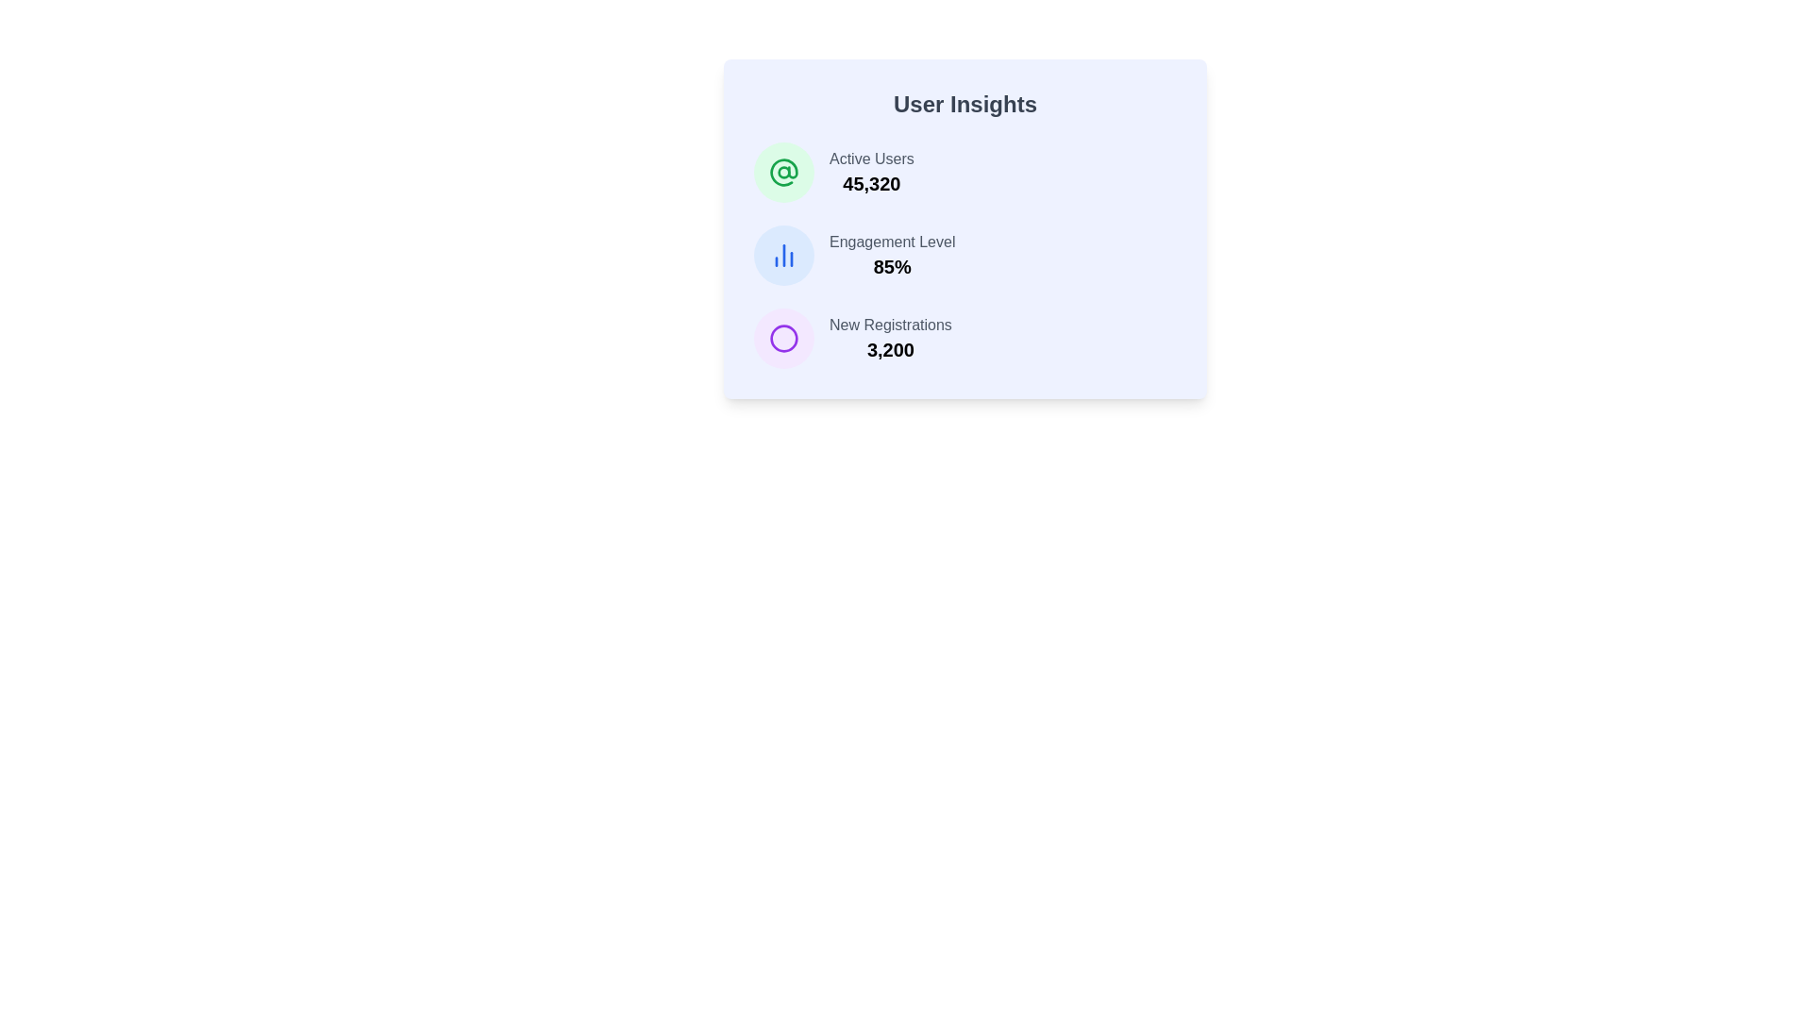 Image resolution: width=1812 pixels, height=1019 pixels. What do you see at coordinates (891, 242) in the screenshot?
I see `the Text Label in the 'User Insights' card, which is positioned above the '85%' text and aligned to the right of a circular icon with a chart-like graphic` at bounding box center [891, 242].